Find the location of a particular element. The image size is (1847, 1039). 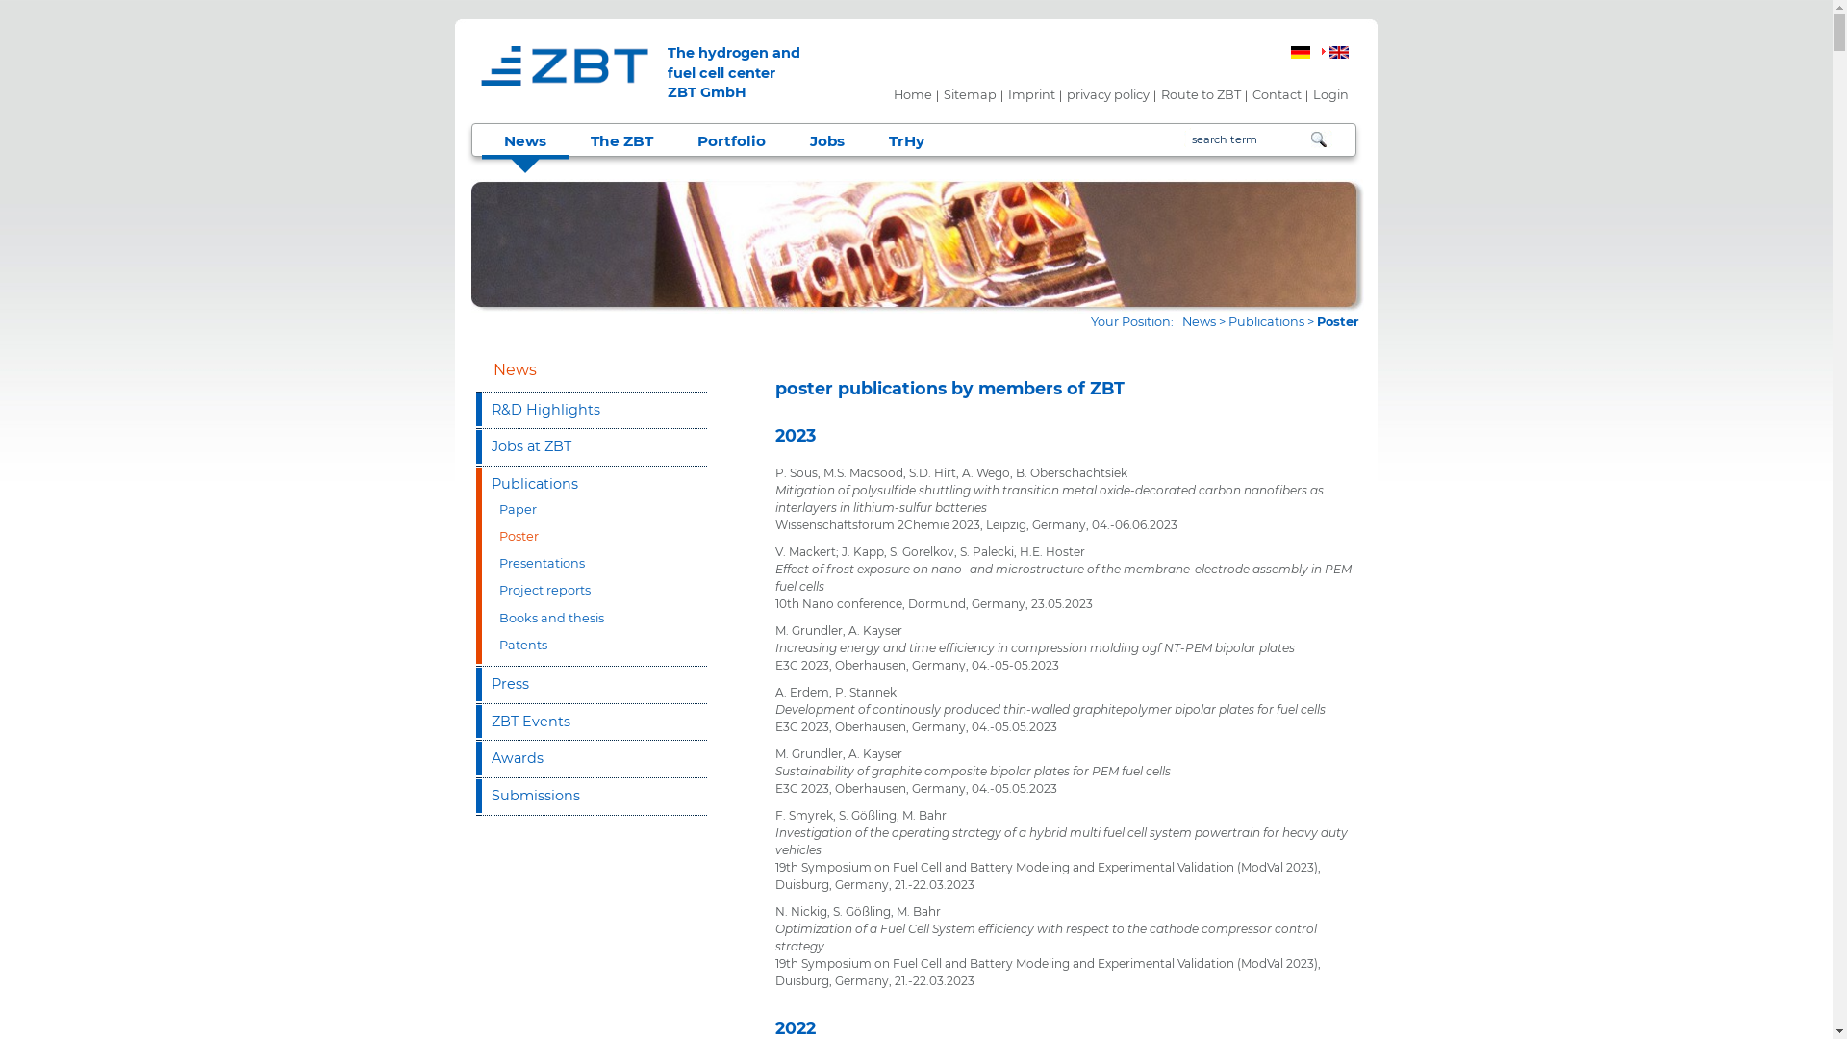

'The ZBT' is located at coordinates (621, 139).